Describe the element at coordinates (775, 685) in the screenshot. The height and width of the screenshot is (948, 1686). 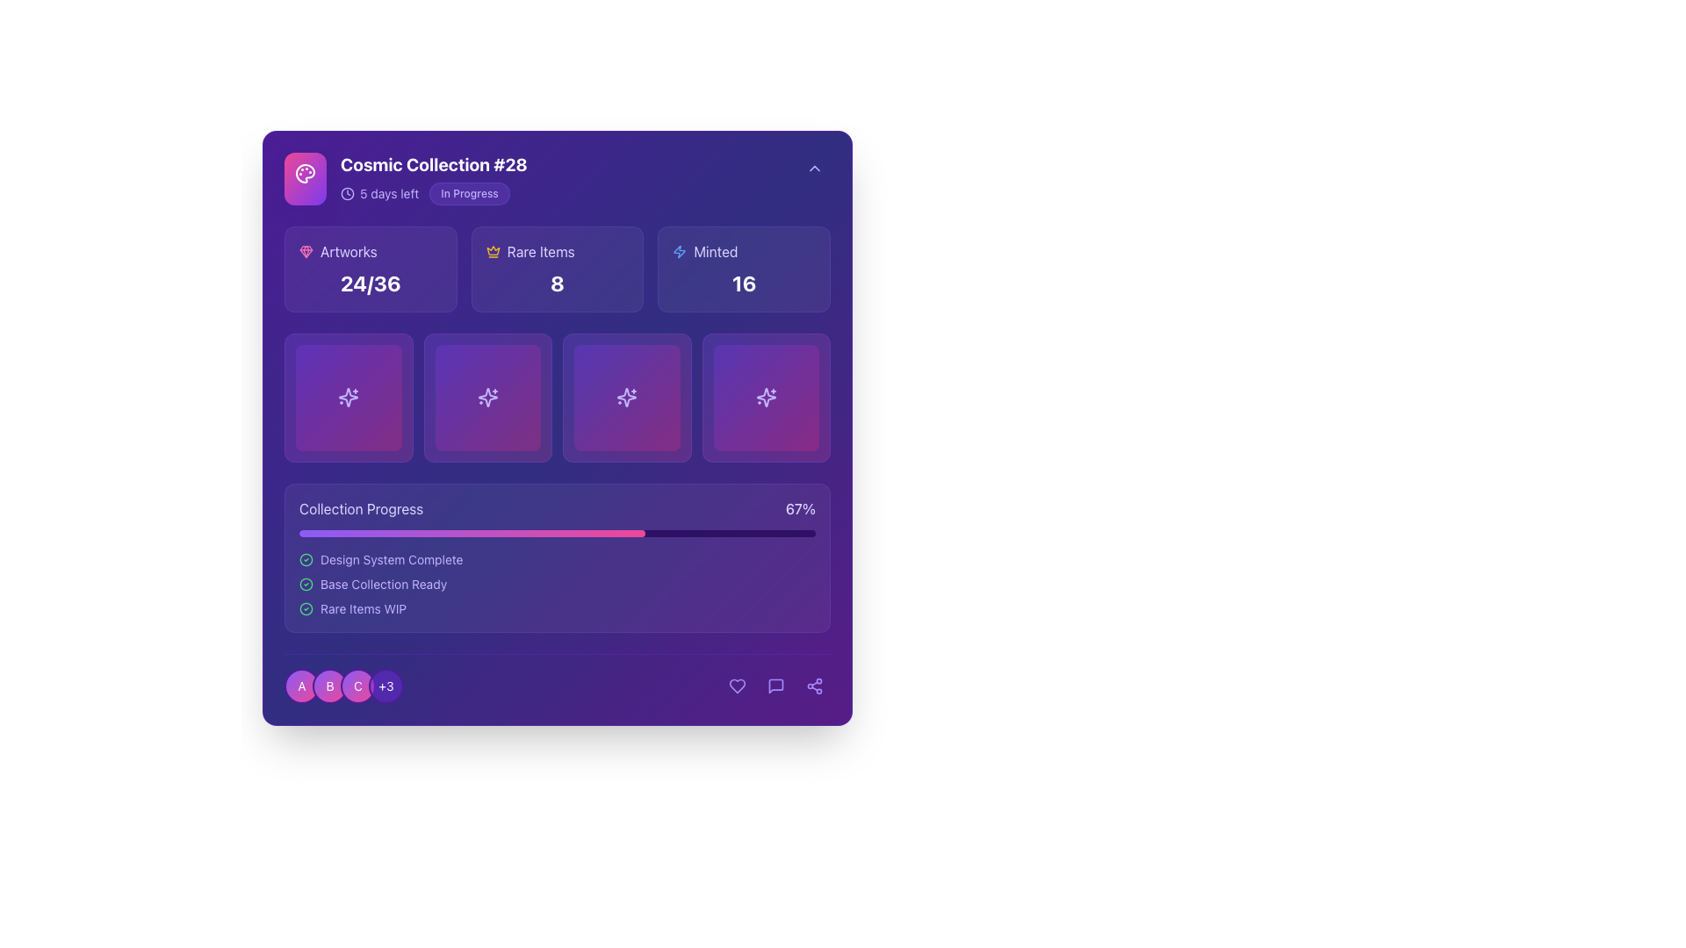
I see `the interactive comment icon with a violet outline located at the bottom-right corner of the panel` at that location.